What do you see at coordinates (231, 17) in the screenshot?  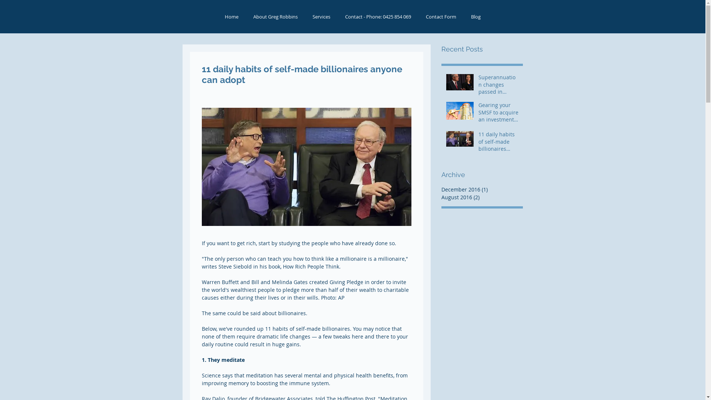 I see `'Home'` at bounding box center [231, 17].